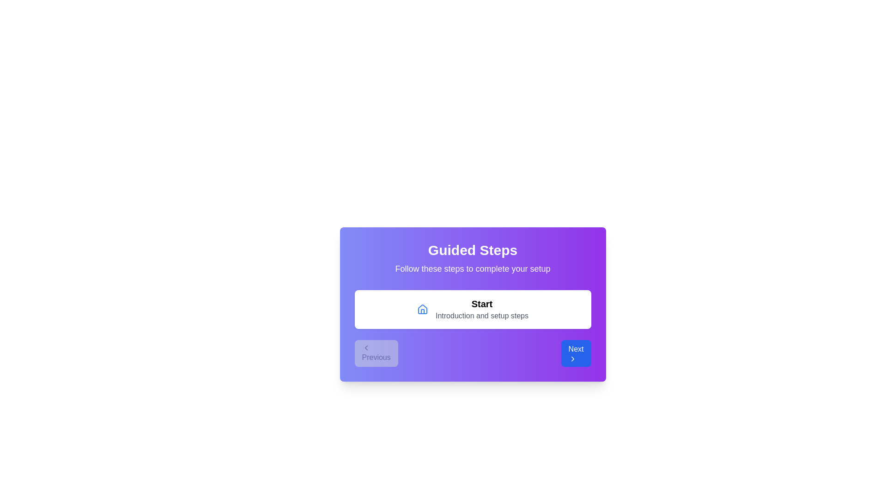  I want to click on the chevron icon within the blue 'Next' button at the bottom-right corner of the interface, so click(572, 358).